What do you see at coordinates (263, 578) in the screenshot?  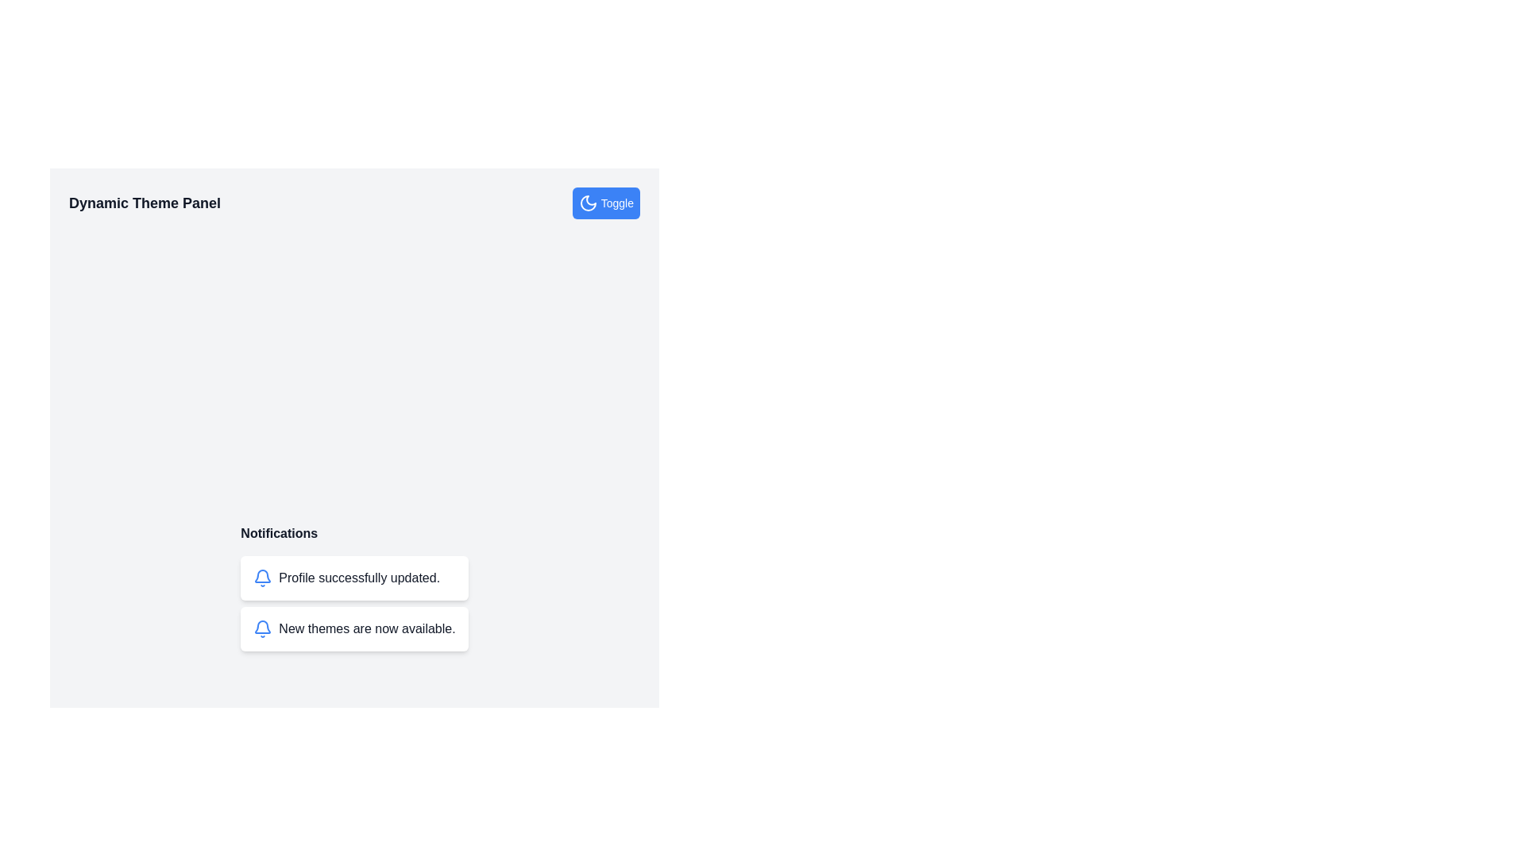 I see `the blue bell icon representing notifications, located in the 'Profile successfully updated.' notification card, to the left of the text area` at bounding box center [263, 578].